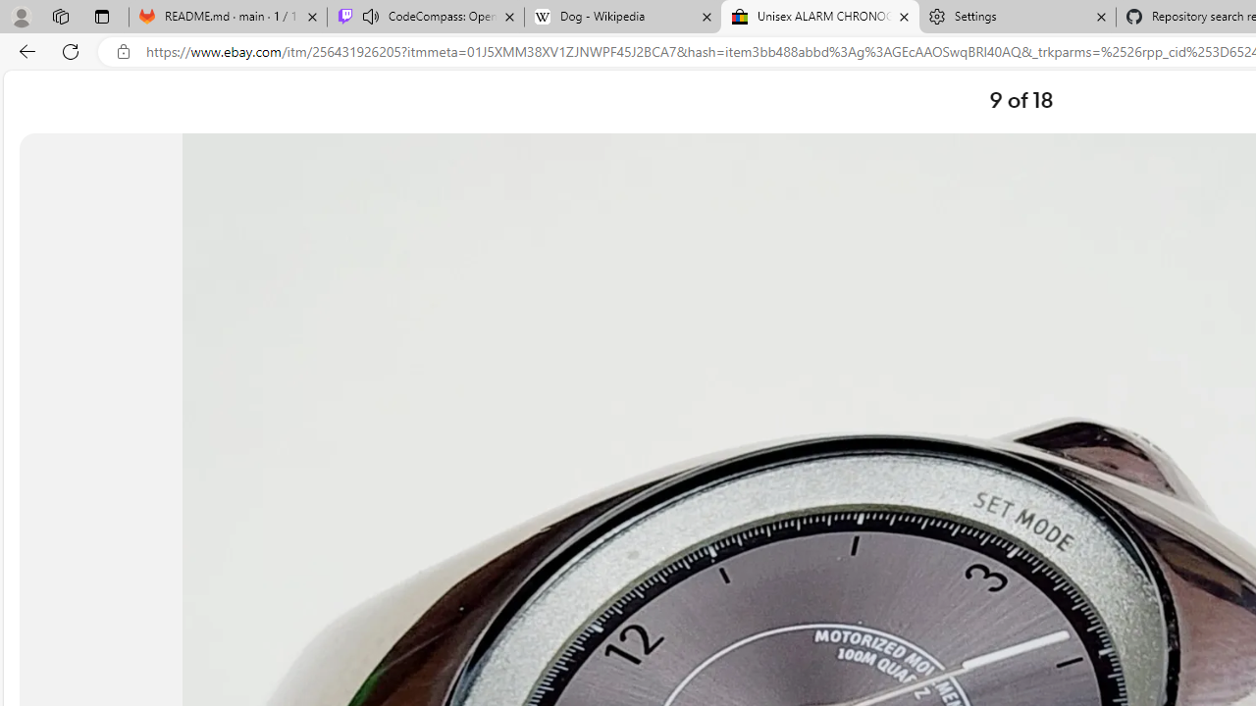  I want to click on 'Settings', so click(1017, 17).